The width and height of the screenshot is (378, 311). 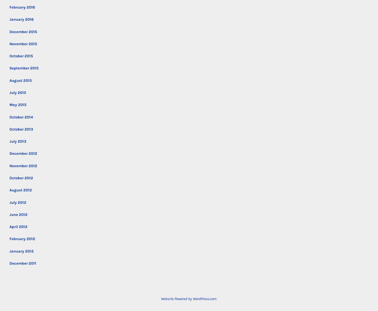 I want to click on 'December 2012', so click(x=9, y=153).